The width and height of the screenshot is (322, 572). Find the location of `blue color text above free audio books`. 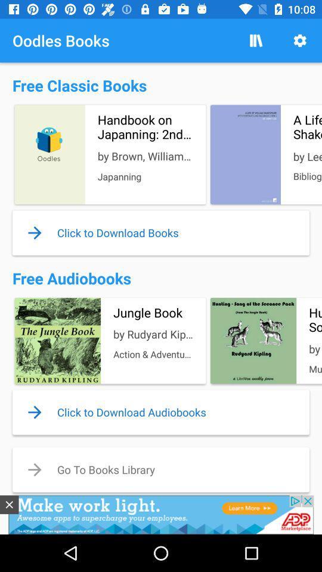

blue color text above free audio books is located at coordinates (161, 232).